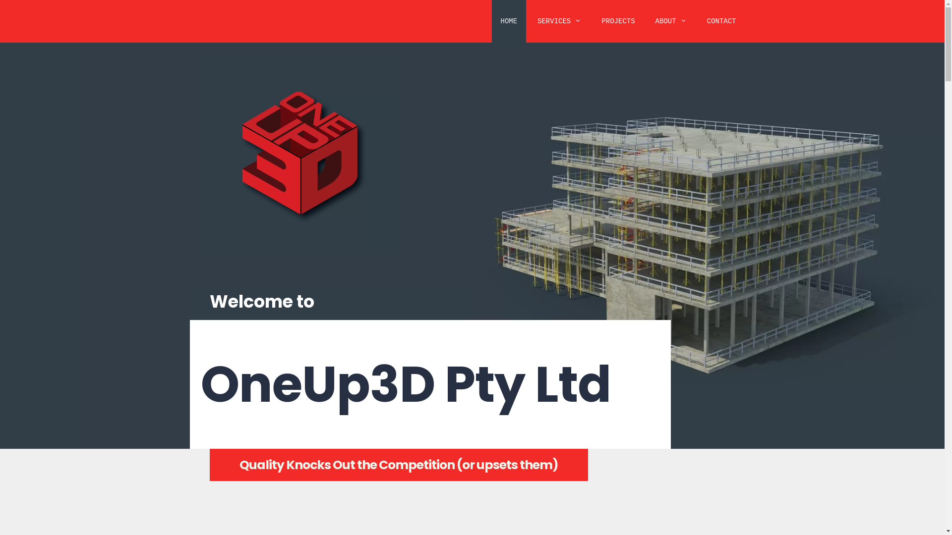 This screenshot has height=535, width=952. What do you see at coordinates (297, 153) in the screenshot?
I see `'One Up 3D'` at bounding box center [297, 153].